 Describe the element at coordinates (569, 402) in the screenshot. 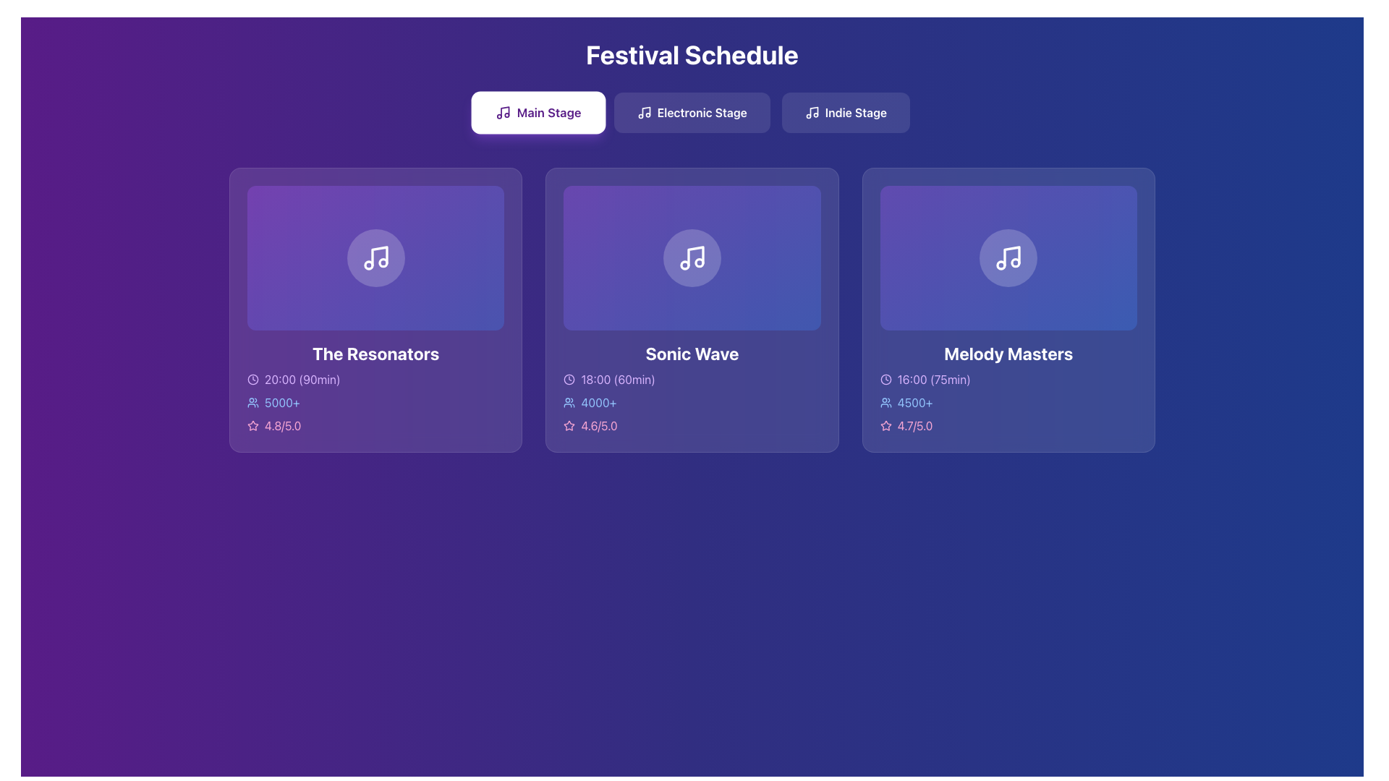

I see `the icon representing users or attendees, which is positioned directly to the left of the '4000+' text` at that location.